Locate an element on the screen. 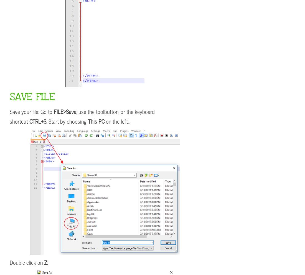  ', use the toolbutton, or the keyboard shortcut' is located at coordinates (82, 116).